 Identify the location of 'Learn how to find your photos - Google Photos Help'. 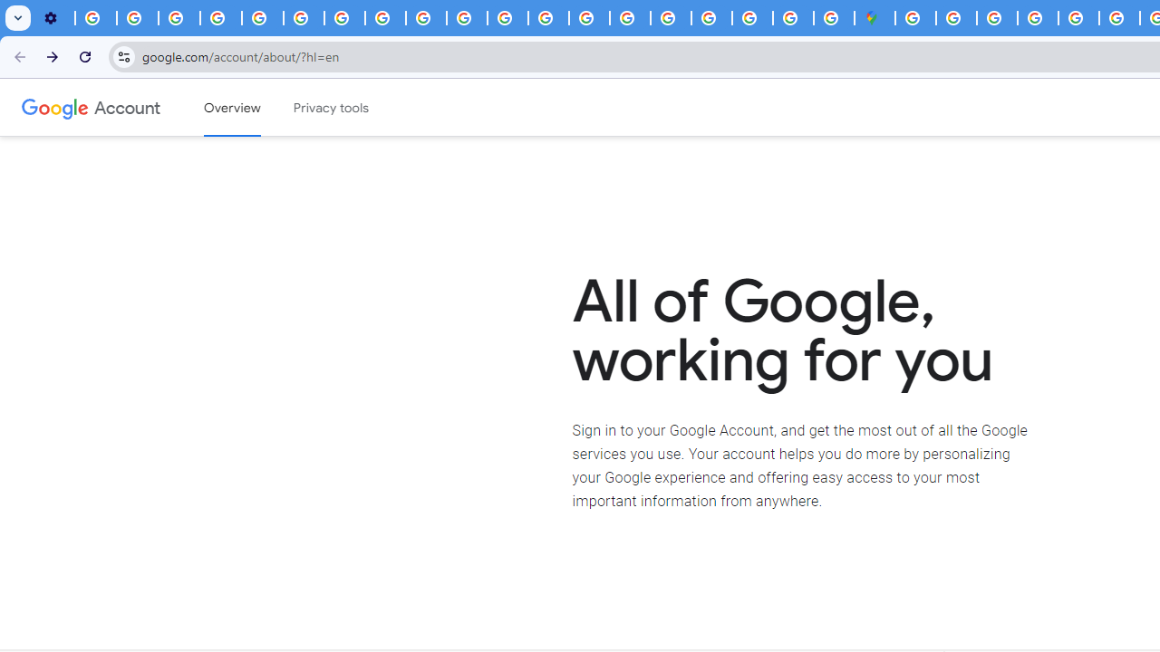
(137, 18).